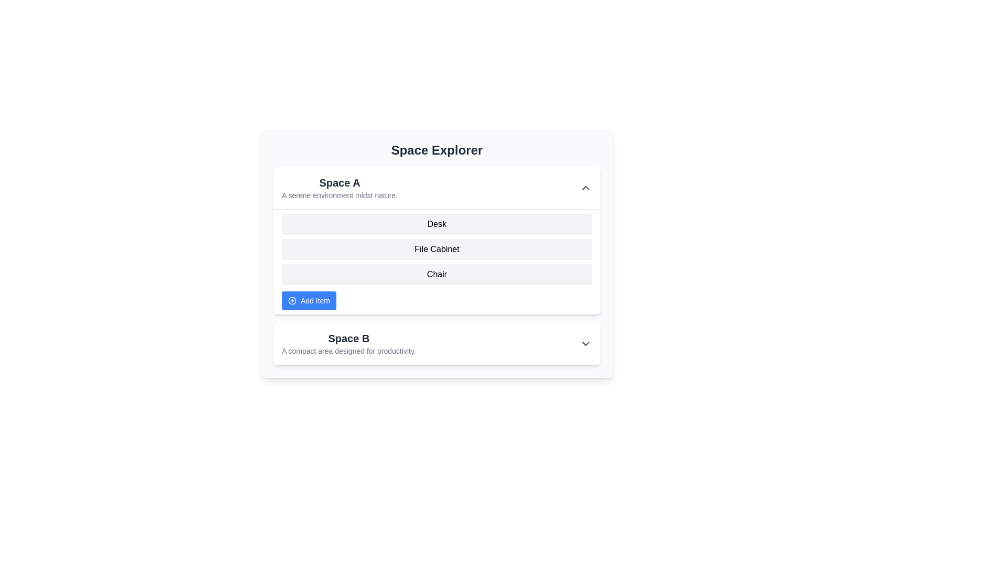 The image size is (1006, 566). Describe the element at coordinates (340, 187) in the screenshot. I see `the Label for the section 'Space A'` at that location.